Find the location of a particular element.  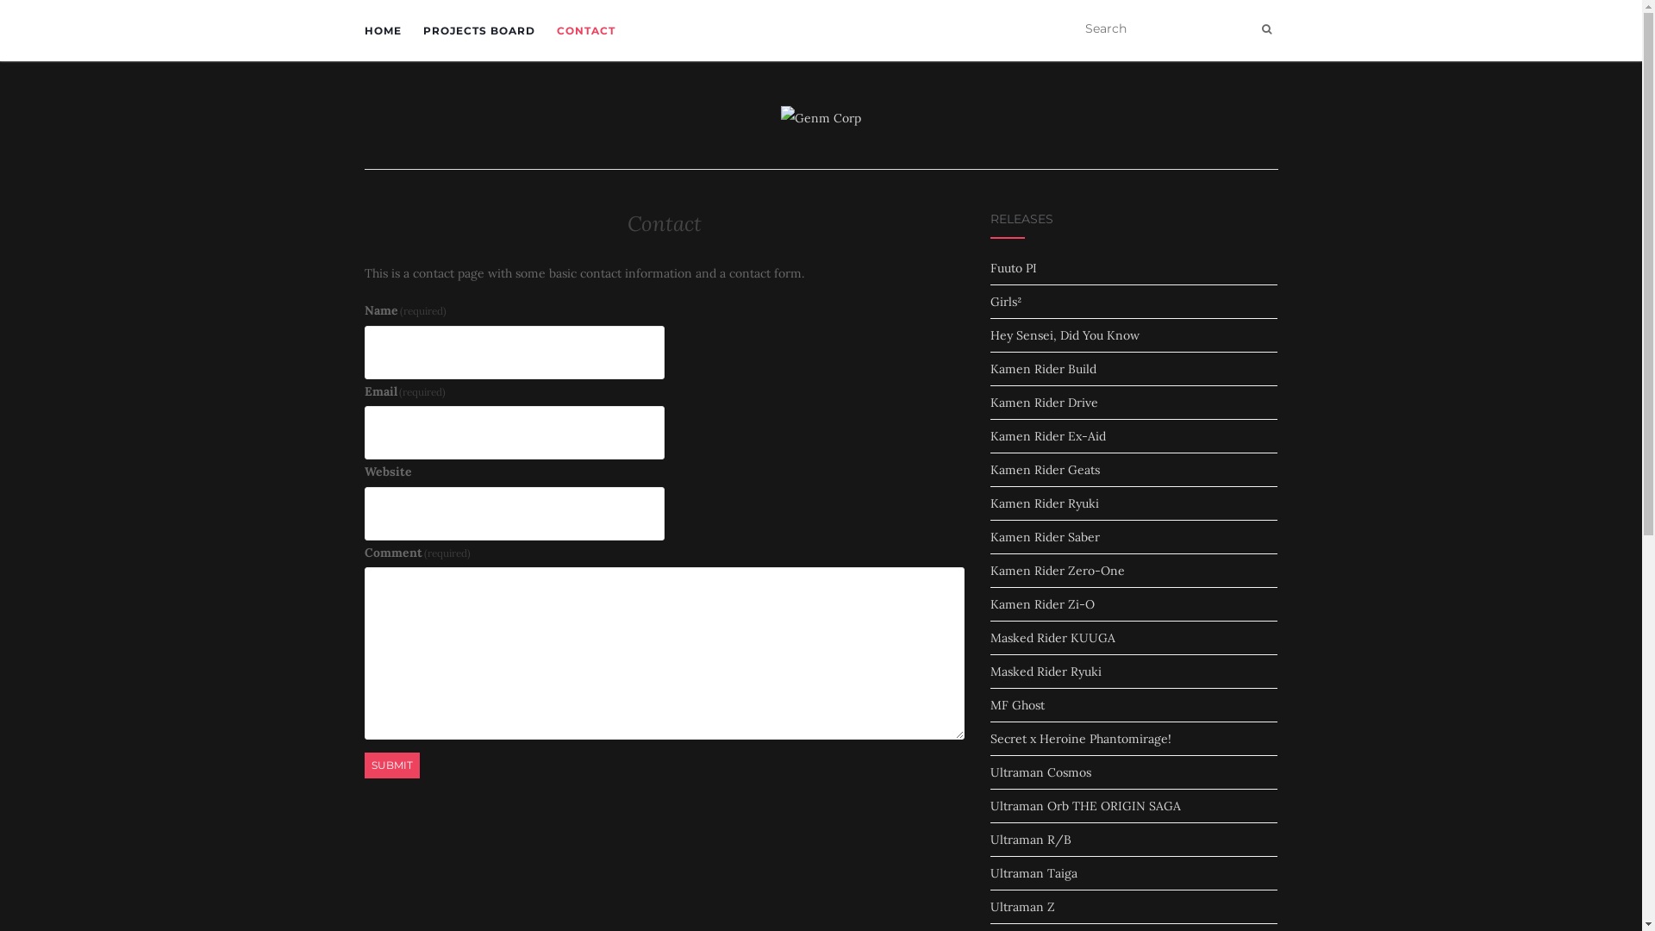

'Hey Sensei, Did You Know' is located at coordinates (1064, 335).